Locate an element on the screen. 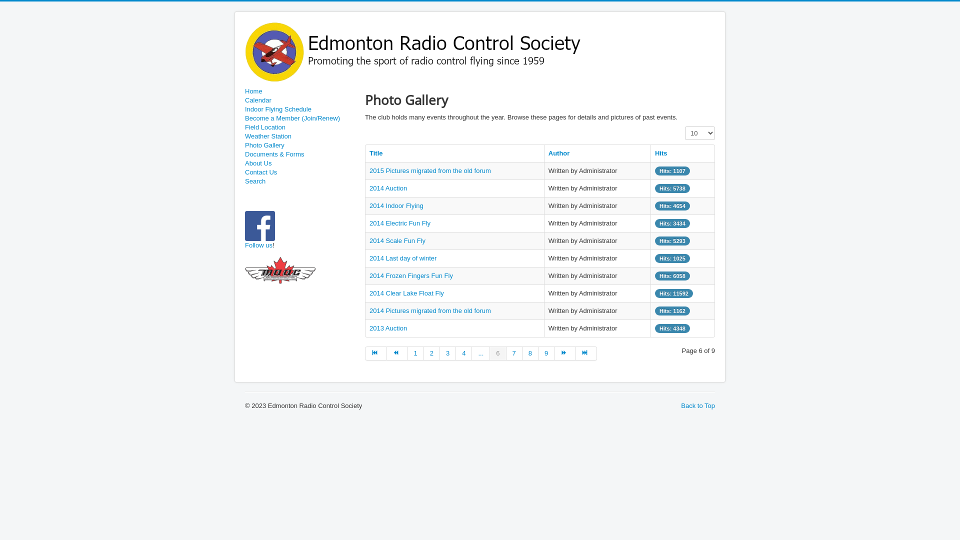 The width and height of the screenshot is (960, 540). '2014 Frozen Fingers Fun Fly' is located at coordinates (411, 275).